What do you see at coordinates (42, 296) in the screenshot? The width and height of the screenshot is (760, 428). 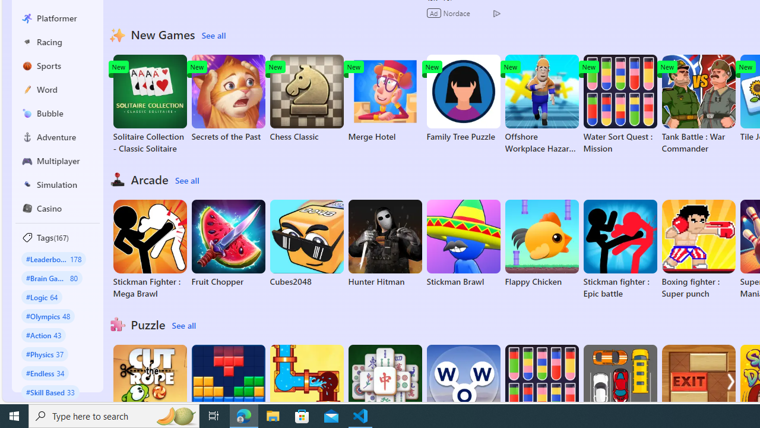 I see `'#Logic 64'` at bounding box center [42, 296].